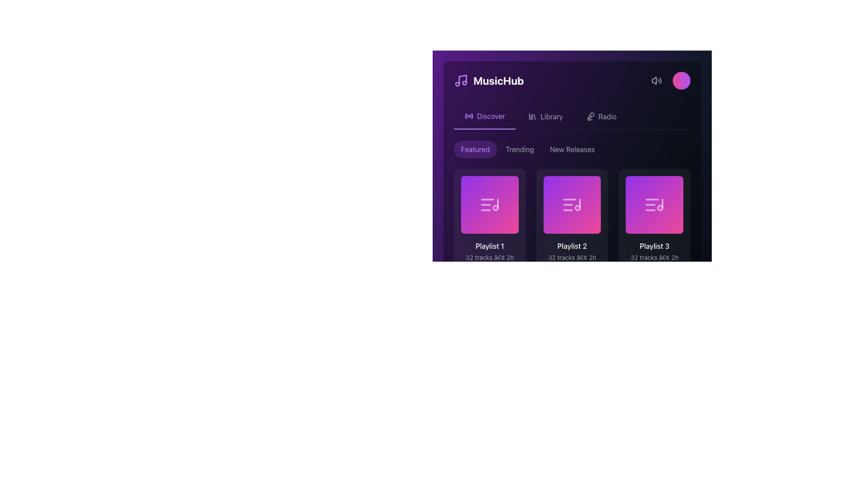 The height and width of the screenshot is (479, 852). What do you see at coordinates (551, 116) in the screenshot?
I see `the Text Label (Link) that navigates` at bounding box center [551, 116].